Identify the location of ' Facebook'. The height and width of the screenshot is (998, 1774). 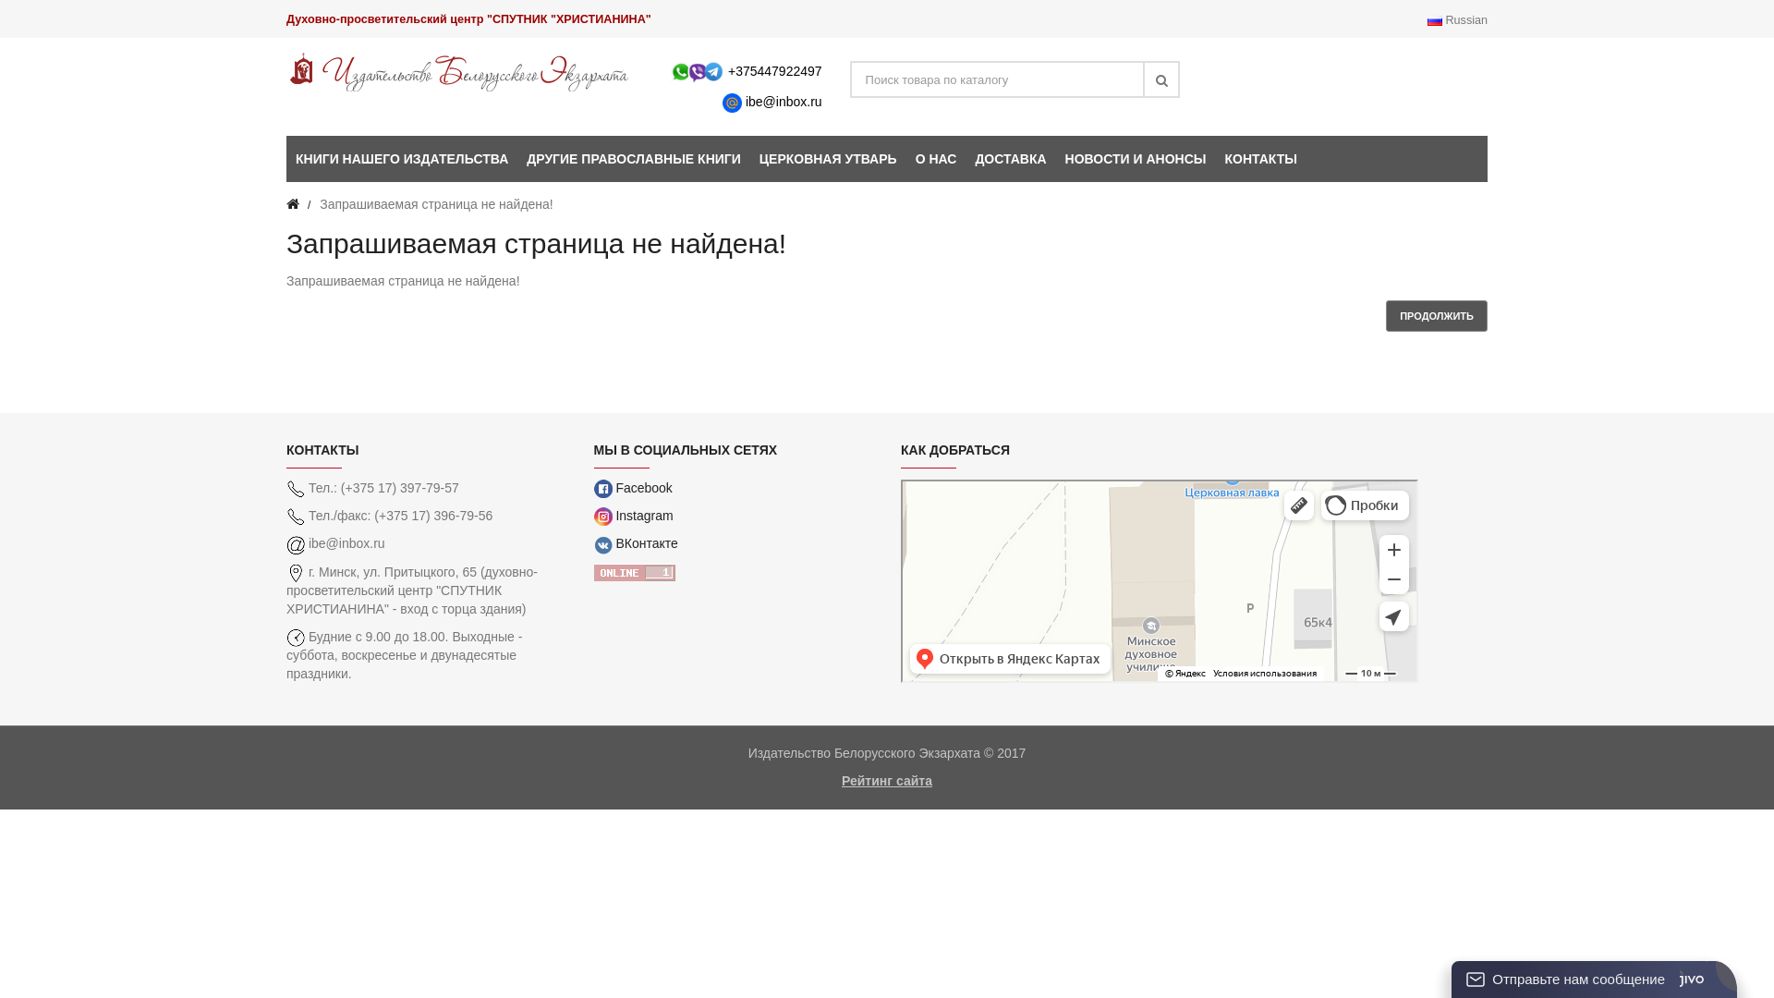
(632, 487).